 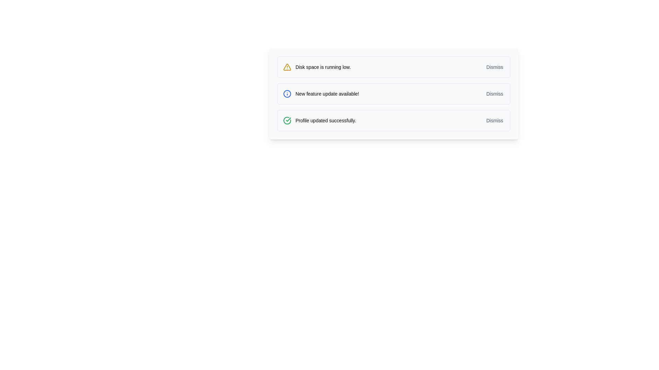 What do you see at coordinates (287, 67) in the screenshot?
I see `the yellow triangle icon with an exclamation mark inside, located at the leftmost side of the notification bar that reads 'Disk space is running low.'` at bounding box center [287, 67].